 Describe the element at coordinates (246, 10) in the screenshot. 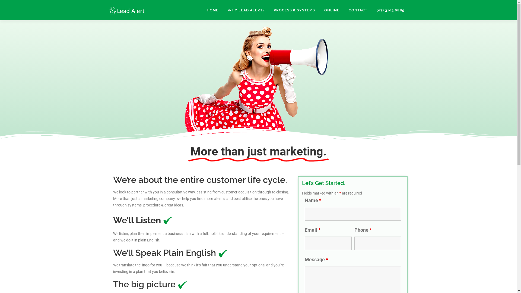

I see `'WHY LEAD ALERT?'` at that location.